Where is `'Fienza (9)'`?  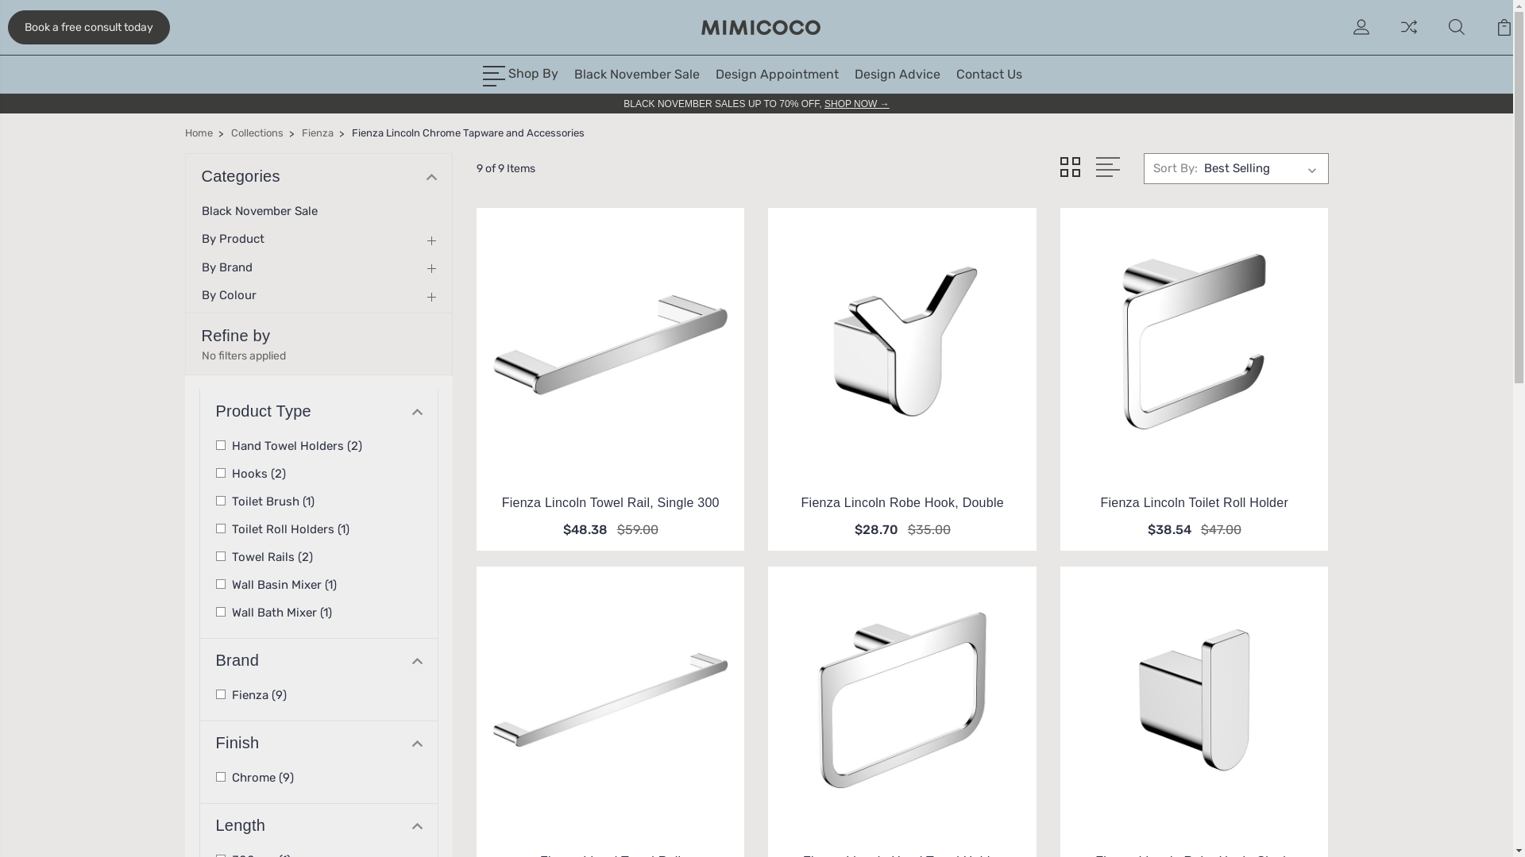 'Fienza (9)' is located at coordinates (319, 694).